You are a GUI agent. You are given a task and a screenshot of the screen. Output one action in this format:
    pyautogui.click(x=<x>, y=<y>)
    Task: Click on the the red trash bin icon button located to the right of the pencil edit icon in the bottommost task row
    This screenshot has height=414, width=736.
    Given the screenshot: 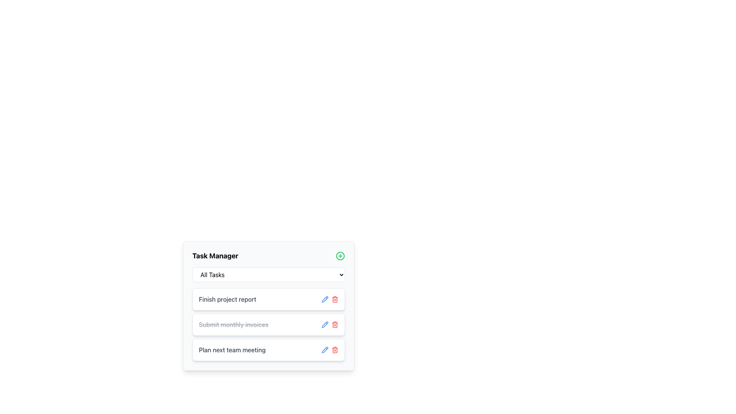 What is the action you would take?
    pyautogui.click(x=330, y=350)
    